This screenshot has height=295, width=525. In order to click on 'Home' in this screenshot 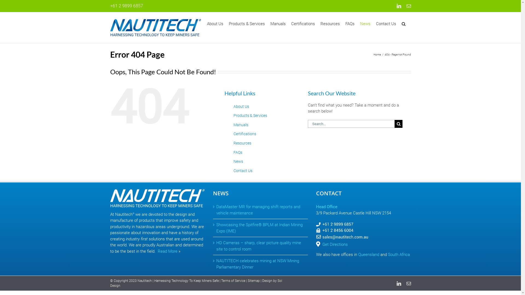, I will do `click(377, 54)`.